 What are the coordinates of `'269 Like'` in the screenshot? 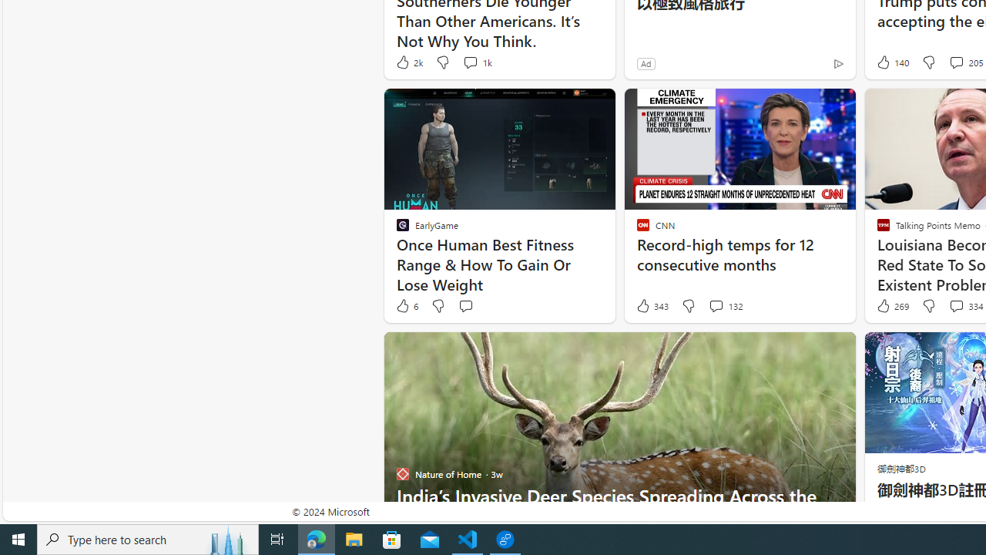 It's located at (891, 306).